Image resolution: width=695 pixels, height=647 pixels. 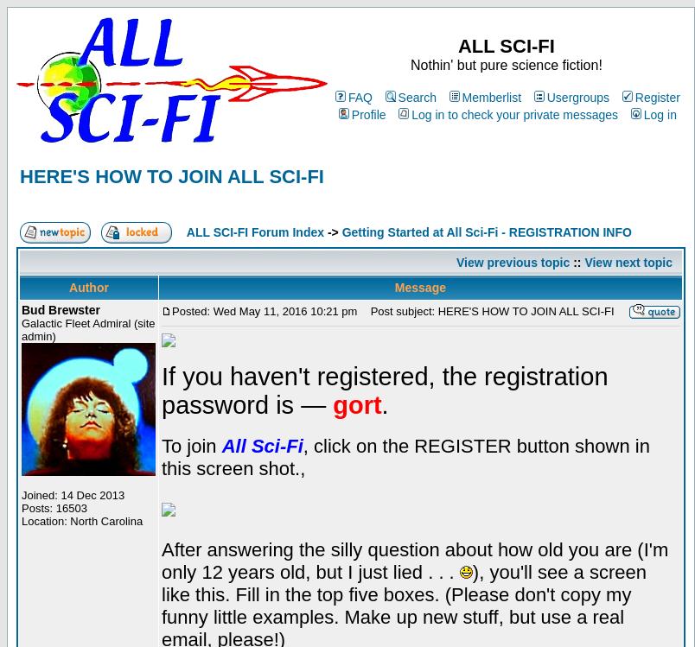 What do you see at coordinates (462, 98) in the screenshot?
I see `'Memberlist'` at bounding box center [462, 98].